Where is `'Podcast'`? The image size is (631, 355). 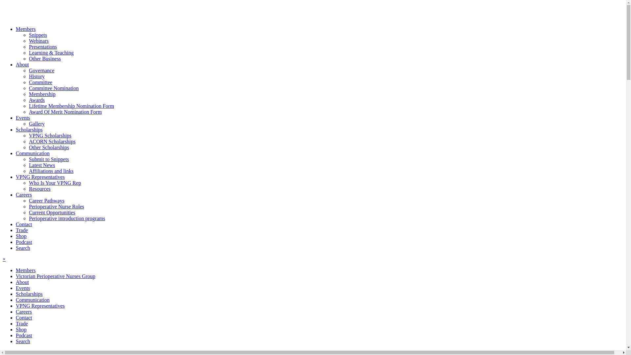 'Podcast' is located at coordinates (16, 335).